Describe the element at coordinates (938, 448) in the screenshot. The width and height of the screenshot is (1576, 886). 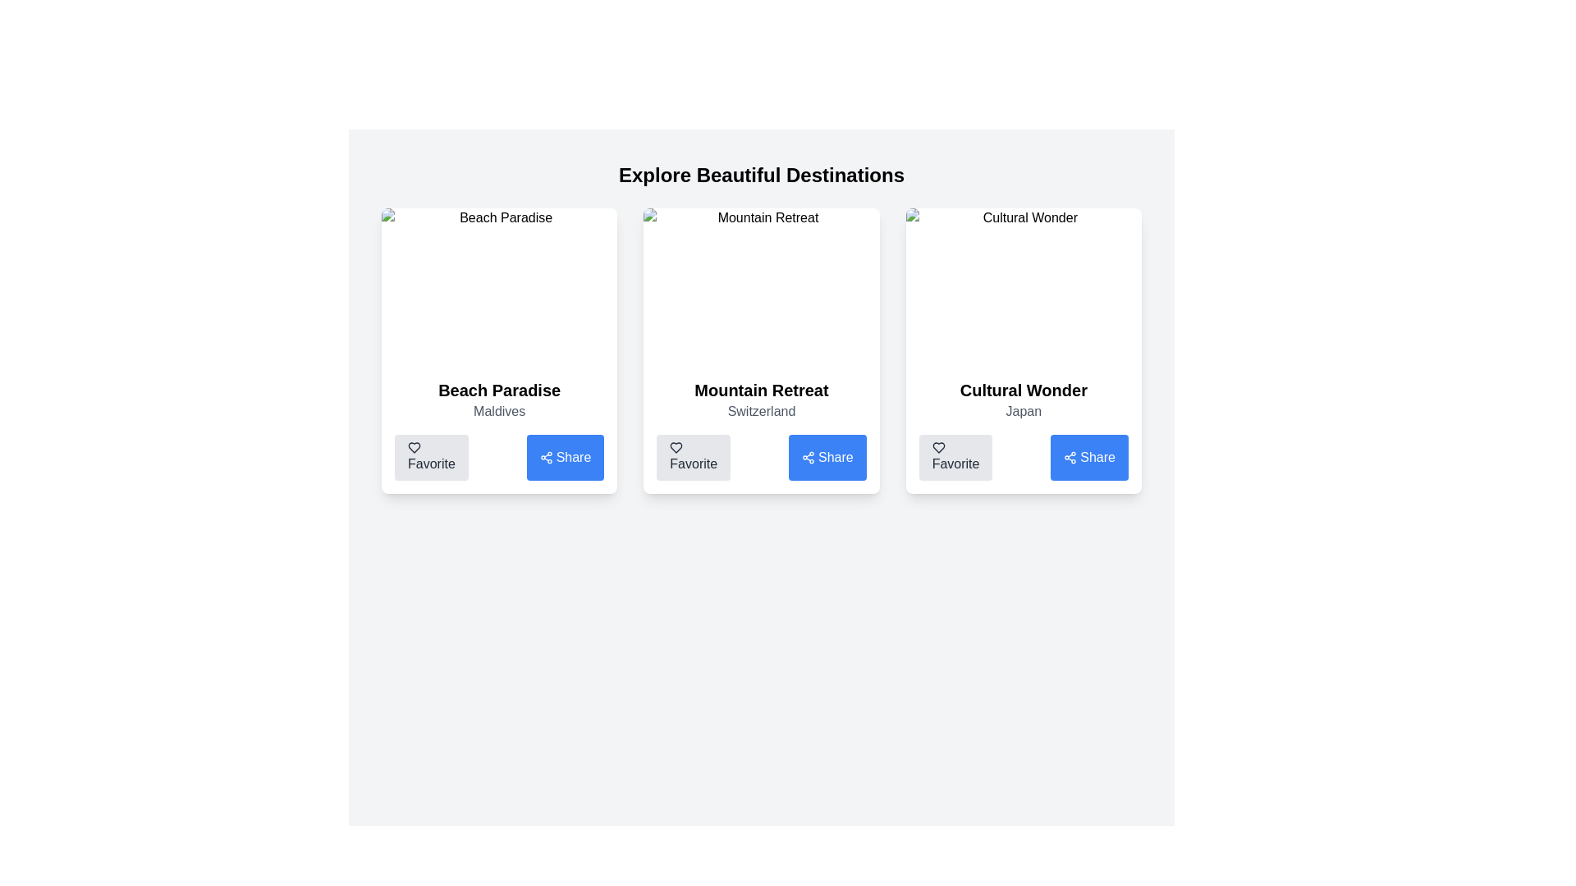
I see `the heart-shaped icon adjacent to the 'Favorite' text` at that location.